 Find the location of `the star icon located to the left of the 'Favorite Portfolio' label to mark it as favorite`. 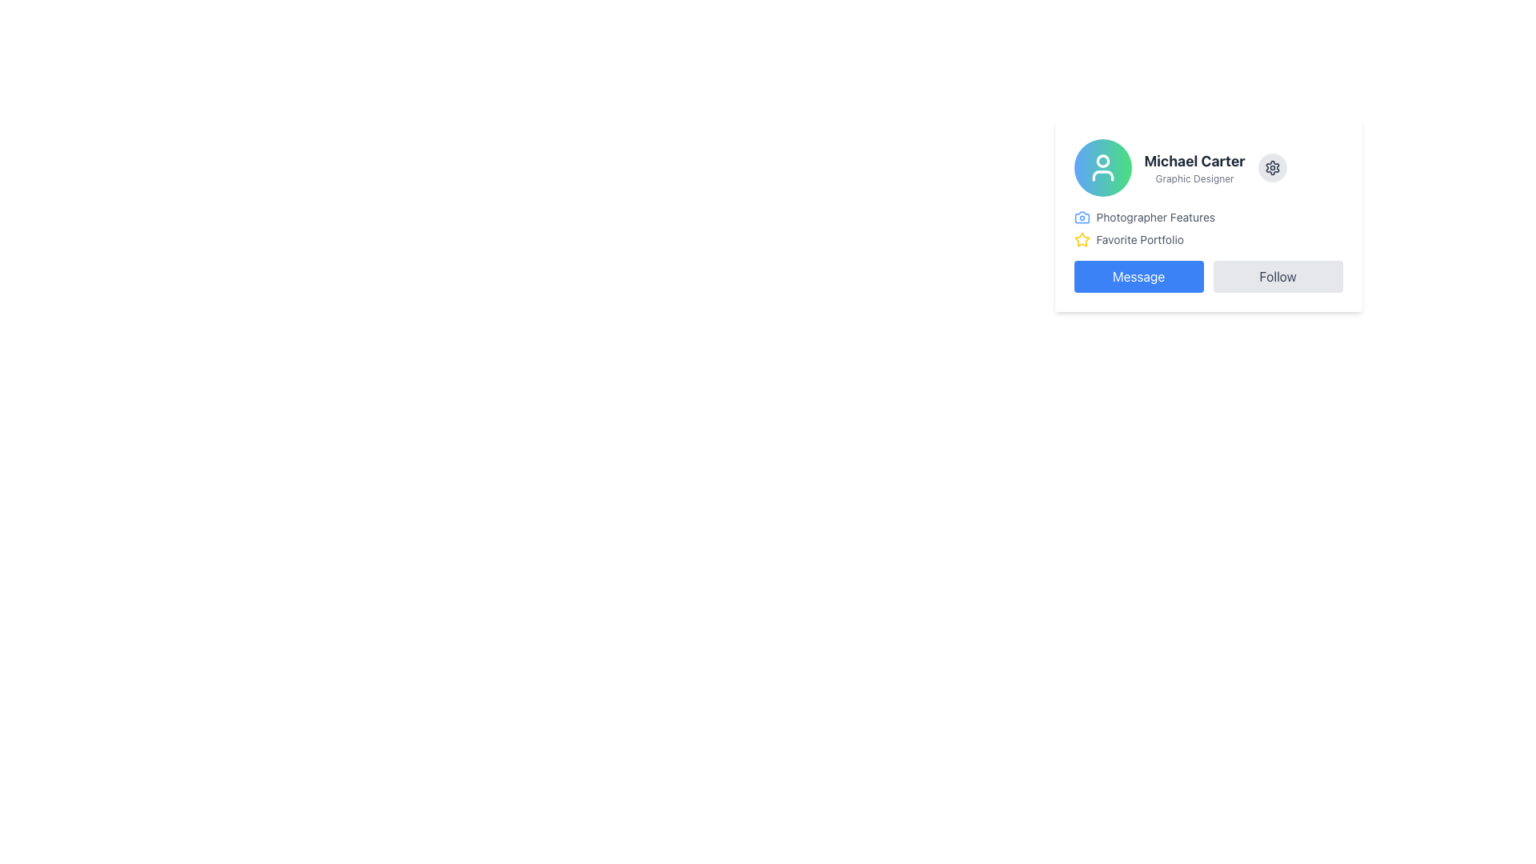

the star icon located to the left of the 'Favorite Portfolio' label to mark it as favorite is located at coordinates (1082, 240).